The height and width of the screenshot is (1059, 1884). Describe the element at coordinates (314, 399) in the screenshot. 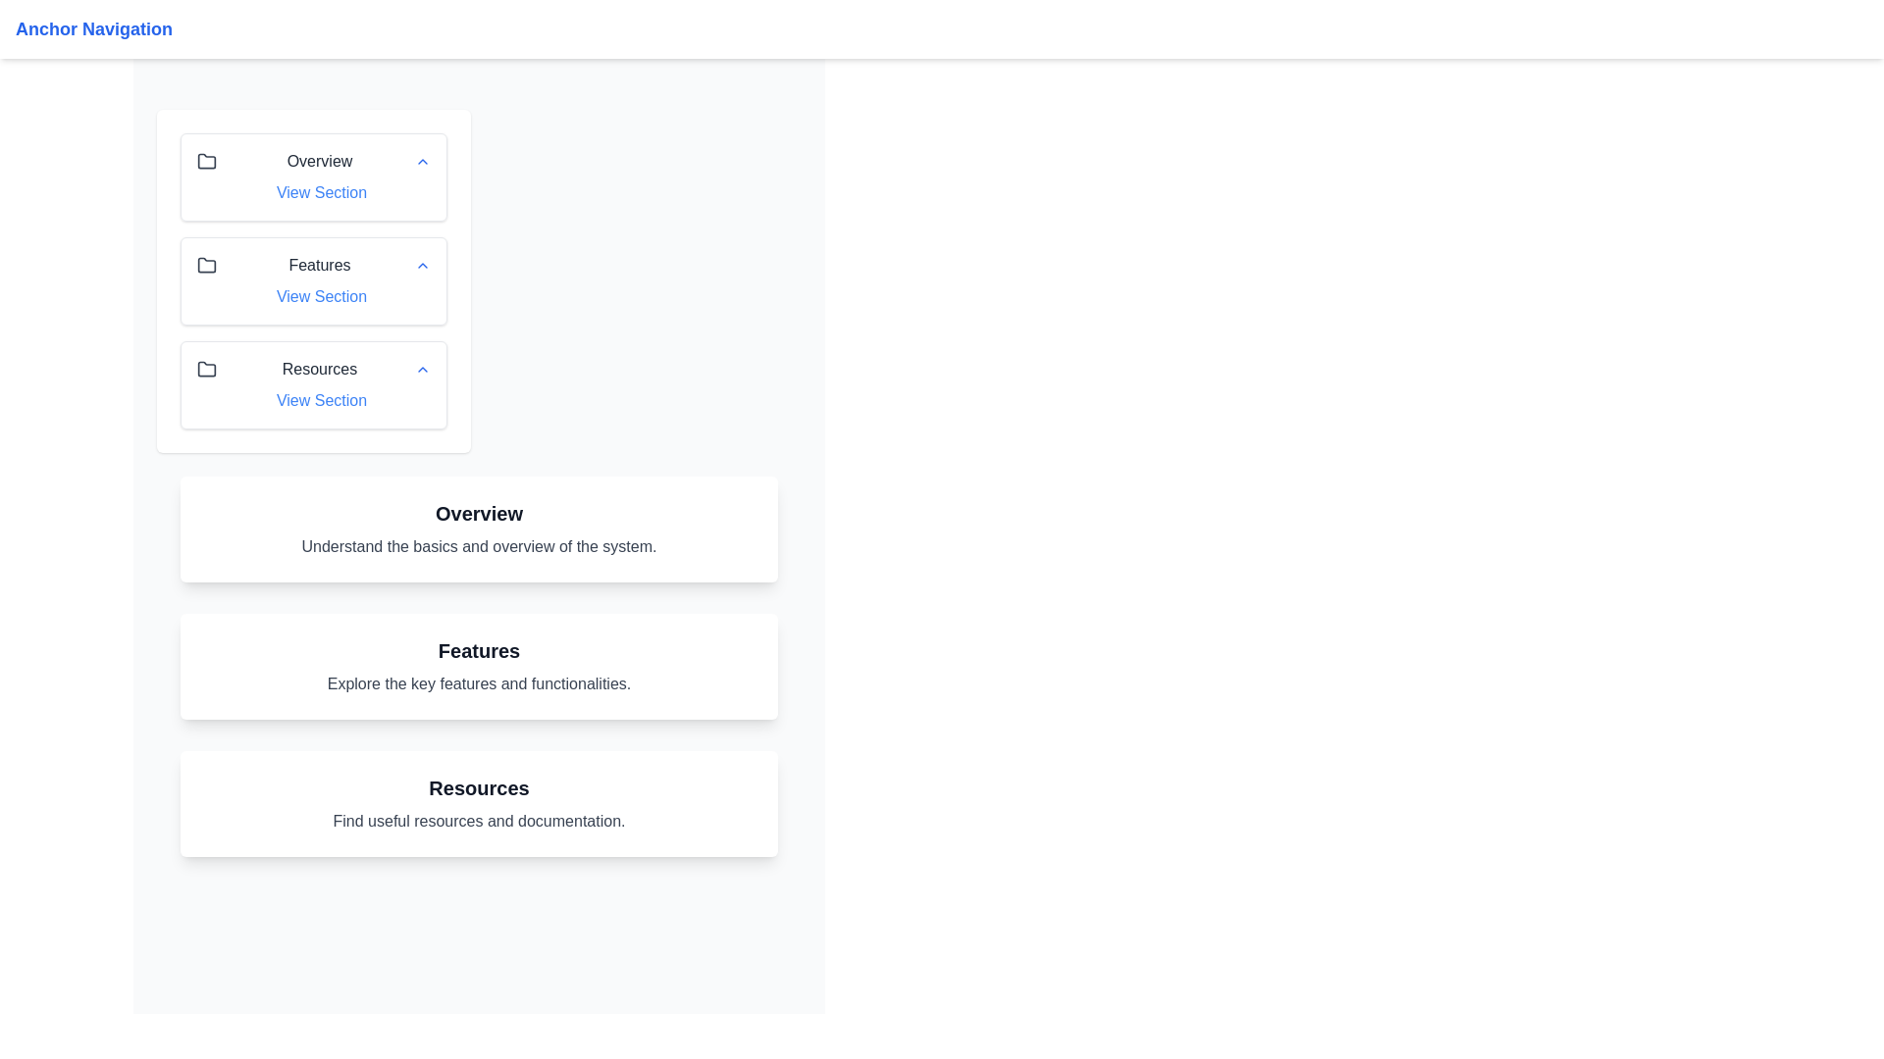

I see `the third 'View Section' hyperlink located in the 'Resources' section of the menu` at that location.